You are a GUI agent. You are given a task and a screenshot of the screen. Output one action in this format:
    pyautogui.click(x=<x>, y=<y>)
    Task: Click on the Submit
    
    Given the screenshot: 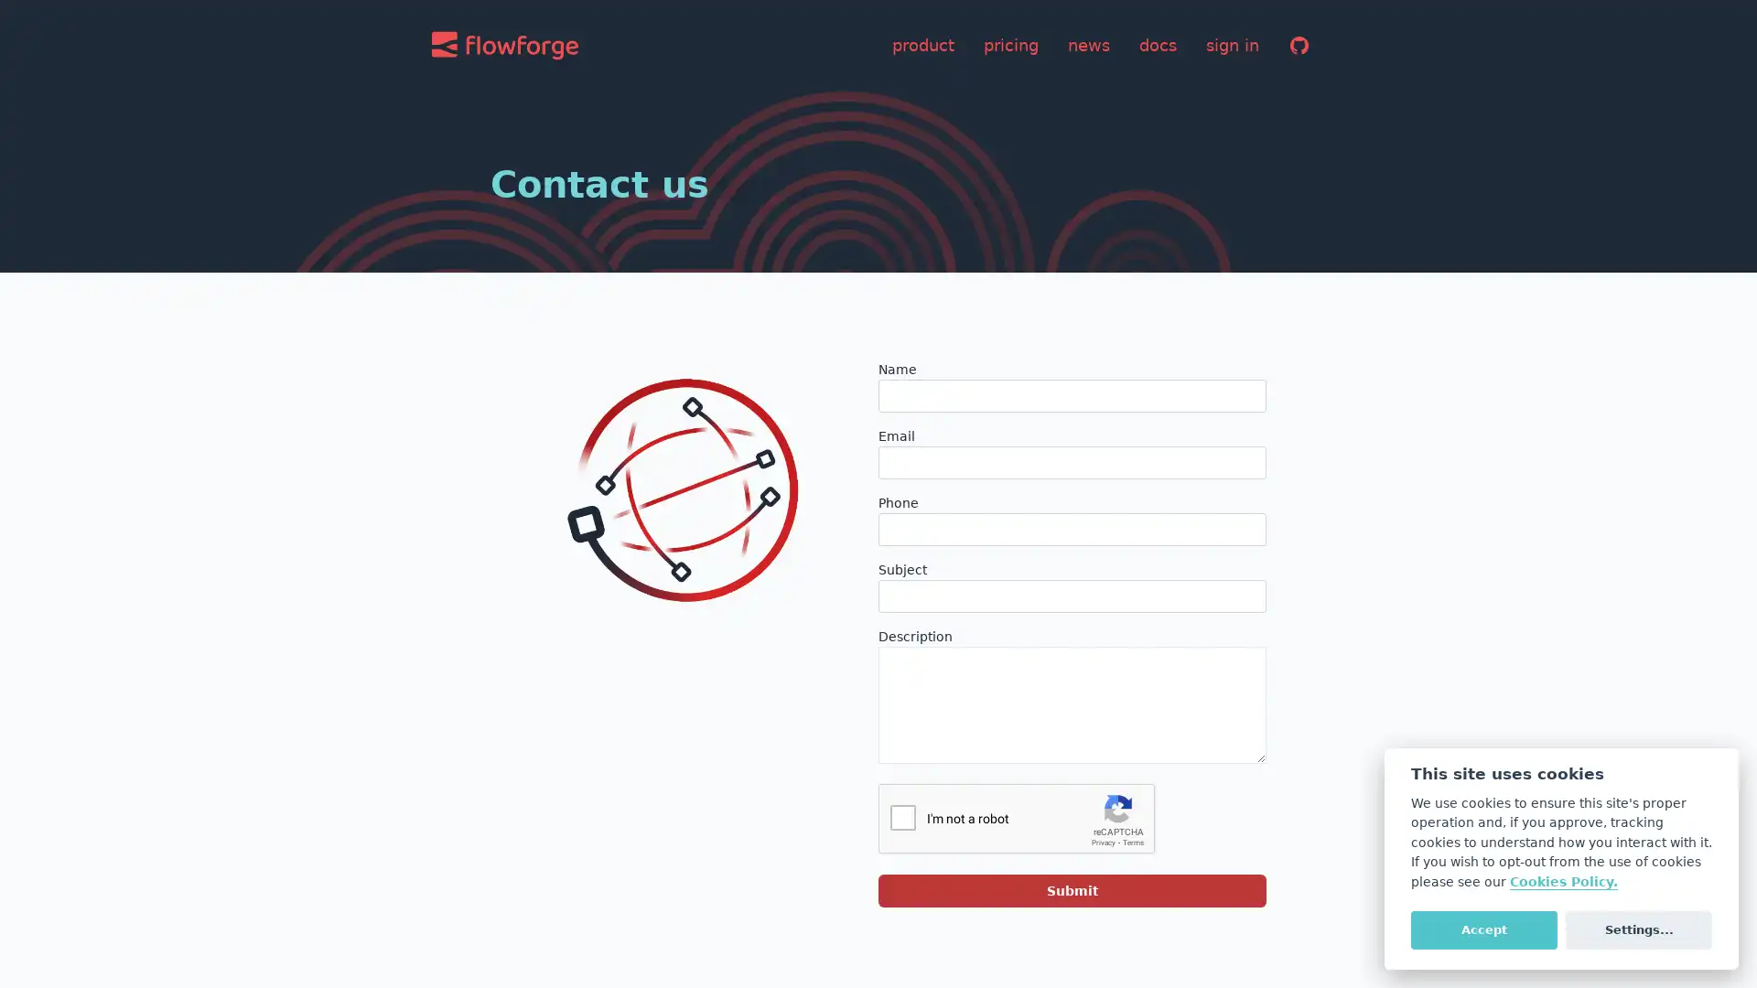 What is the action you would take?
    pyautogui.click(x=1072, y=890)
    